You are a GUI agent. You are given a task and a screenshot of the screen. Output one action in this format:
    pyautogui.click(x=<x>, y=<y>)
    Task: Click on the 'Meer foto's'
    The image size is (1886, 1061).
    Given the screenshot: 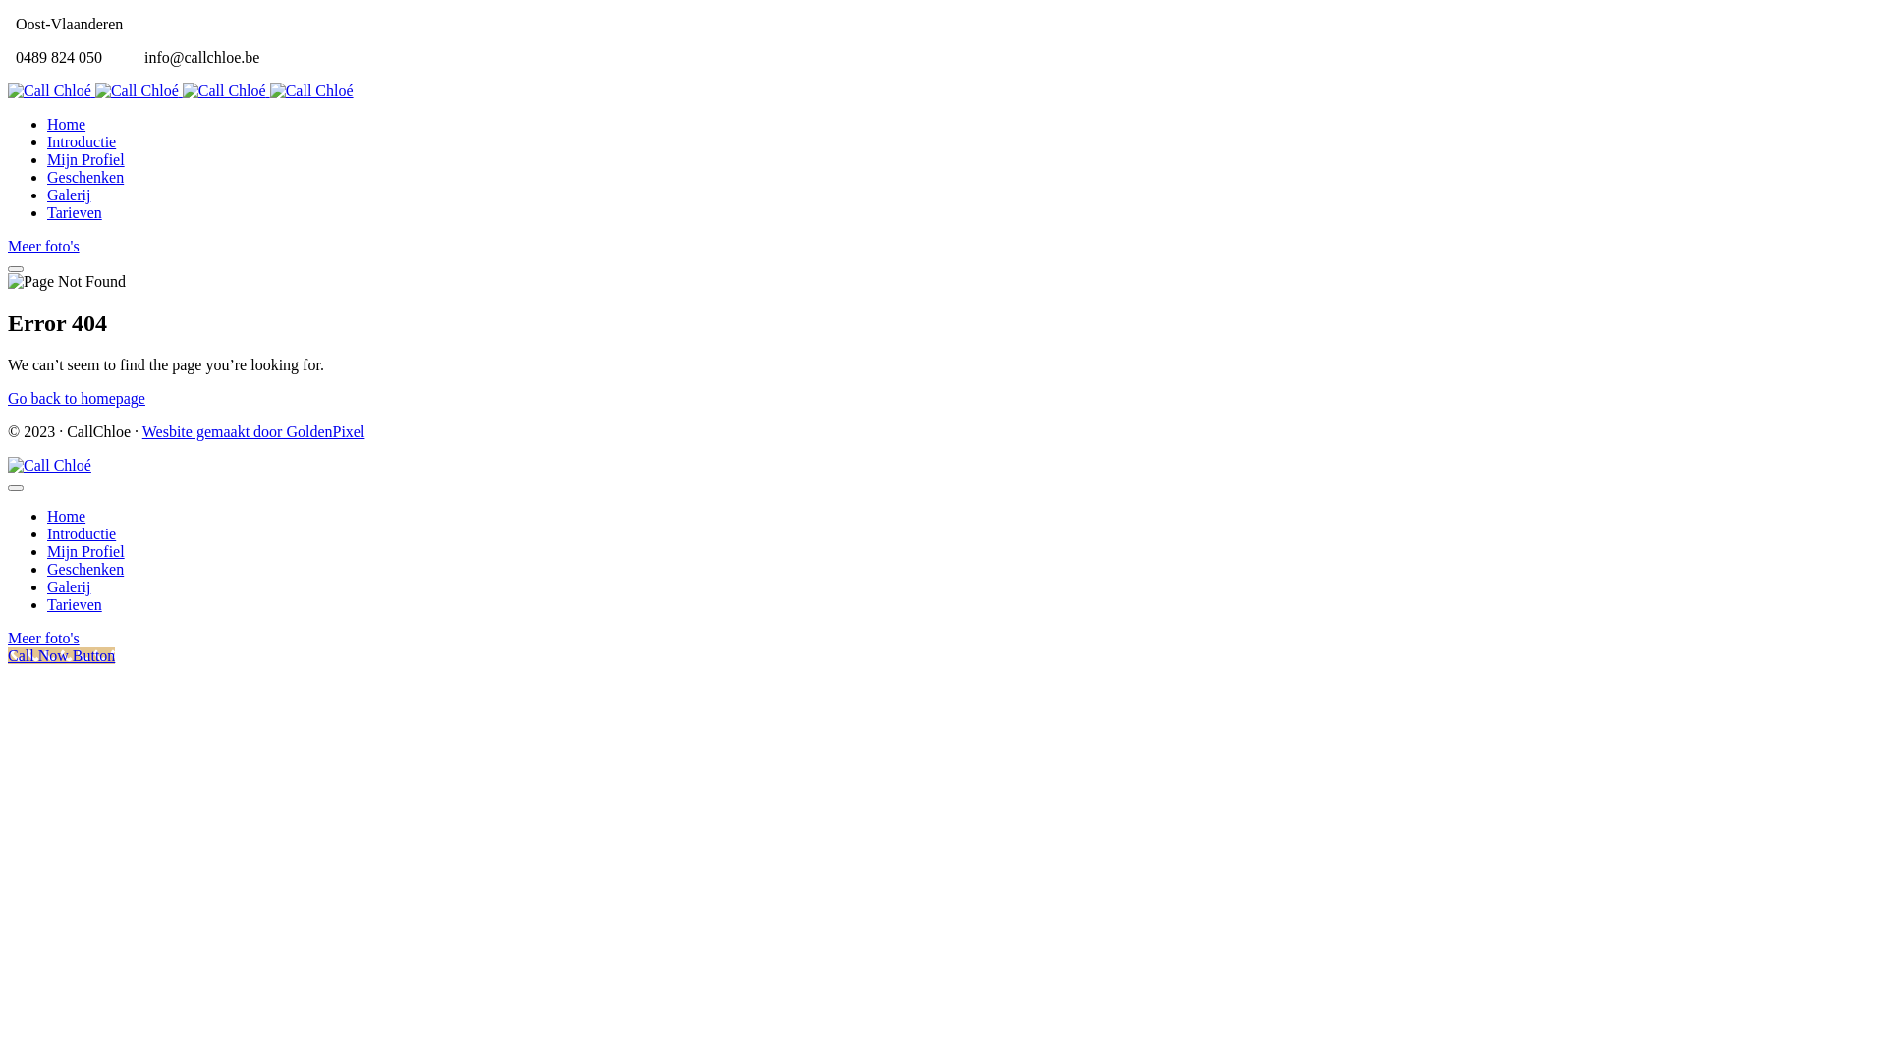 What is the action you would take?
    pyautogui.click(x=43, y=638)
    